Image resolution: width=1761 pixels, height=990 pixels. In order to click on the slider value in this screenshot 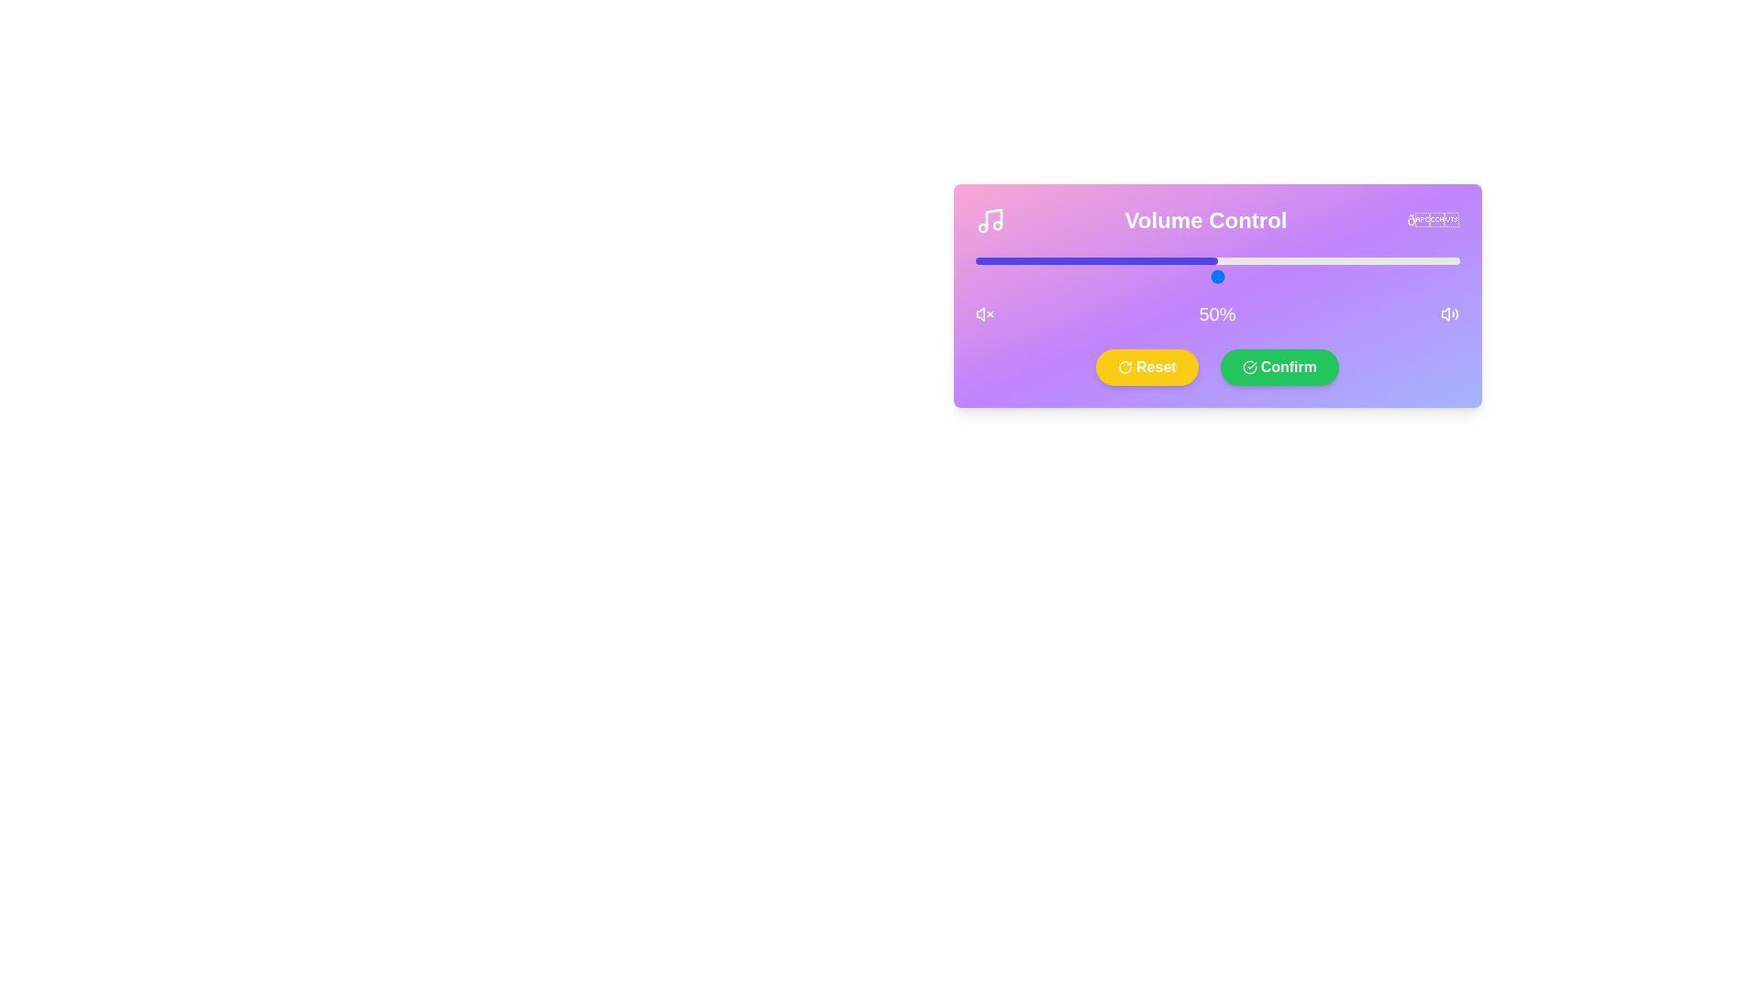, I will do `click(1444, 261)`.